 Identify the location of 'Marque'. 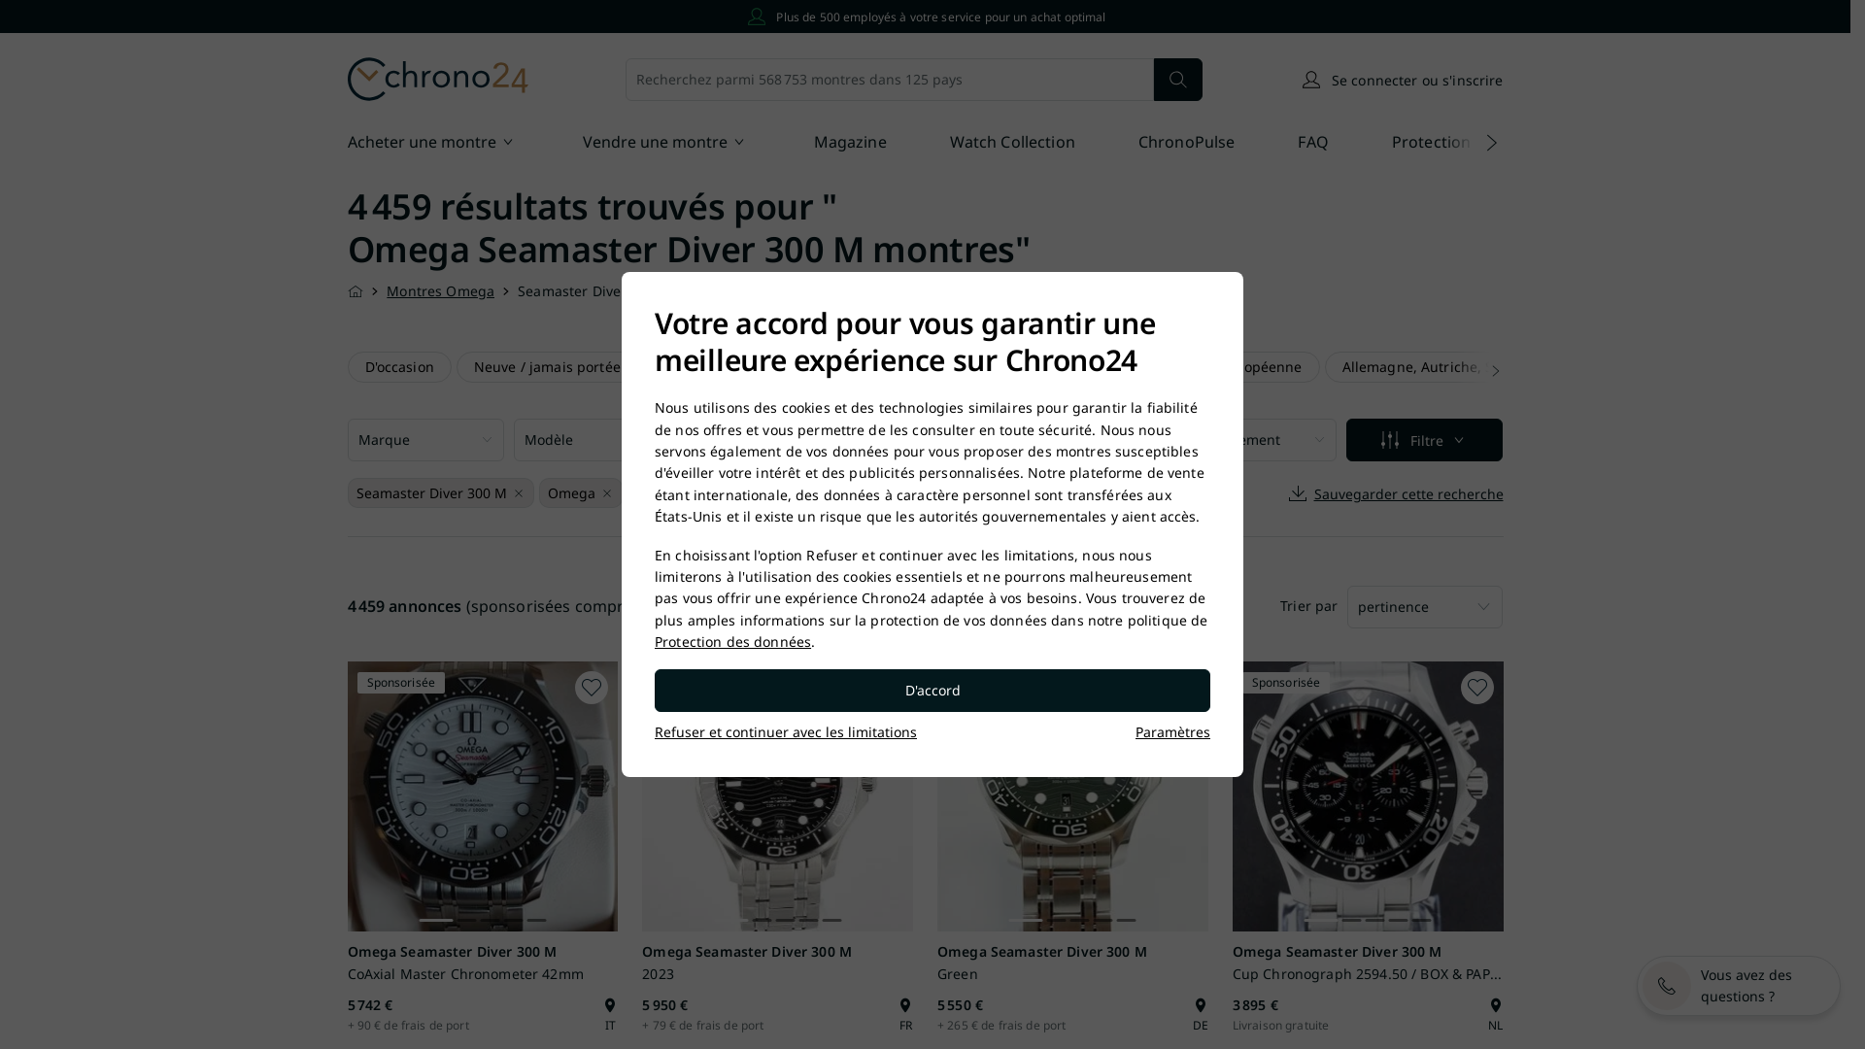
(424, 439).